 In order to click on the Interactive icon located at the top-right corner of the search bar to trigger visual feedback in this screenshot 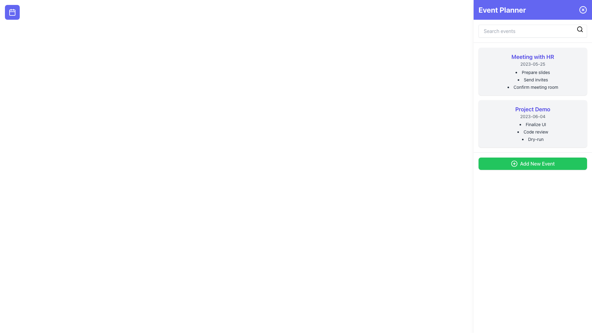, I will do `click(580, 29)`.